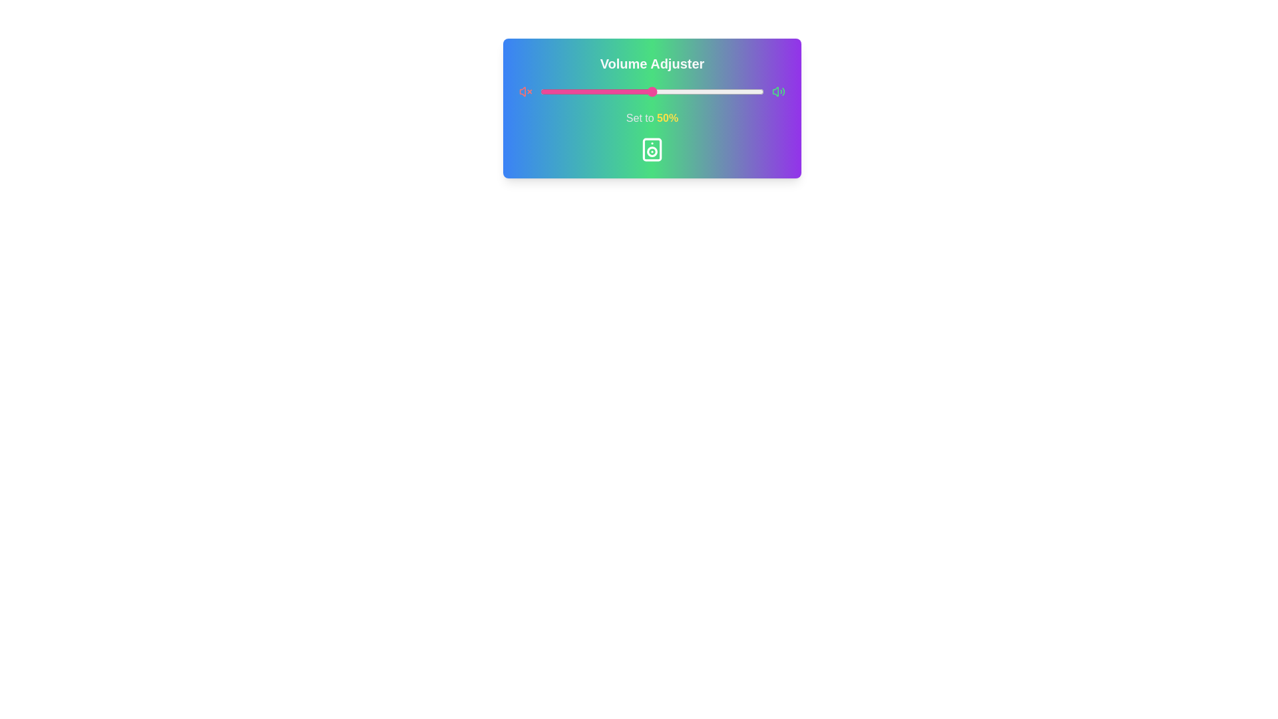 This screenshot has height=719, width=1278. What do you see at coordinates (718, 91) in the screenshot?
I see `the volume slider to 80%, where 80 is a value between 0 and 100` at bounding box center [718, 91].